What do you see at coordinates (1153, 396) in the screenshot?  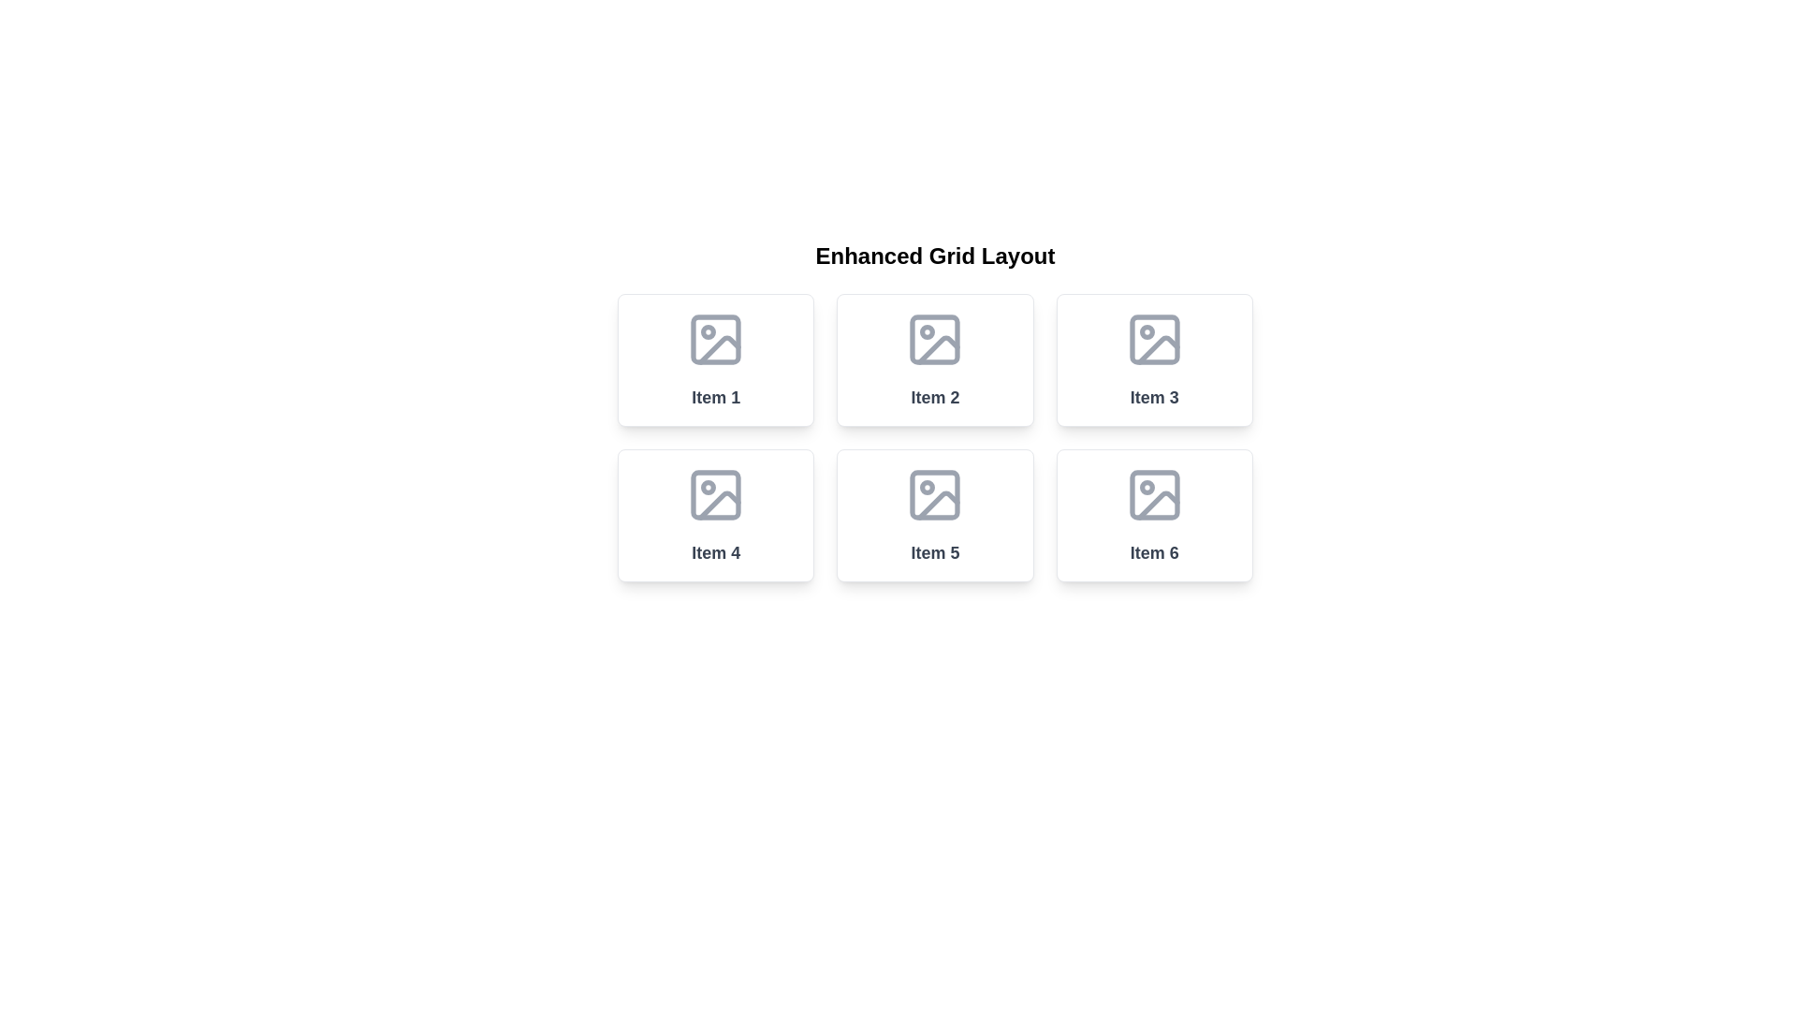 I see `text content of the bold, dark gray 'Item 3.' label located in the third column of the top row in a 2x3 grid layout` at bounding box center [1153, 396].